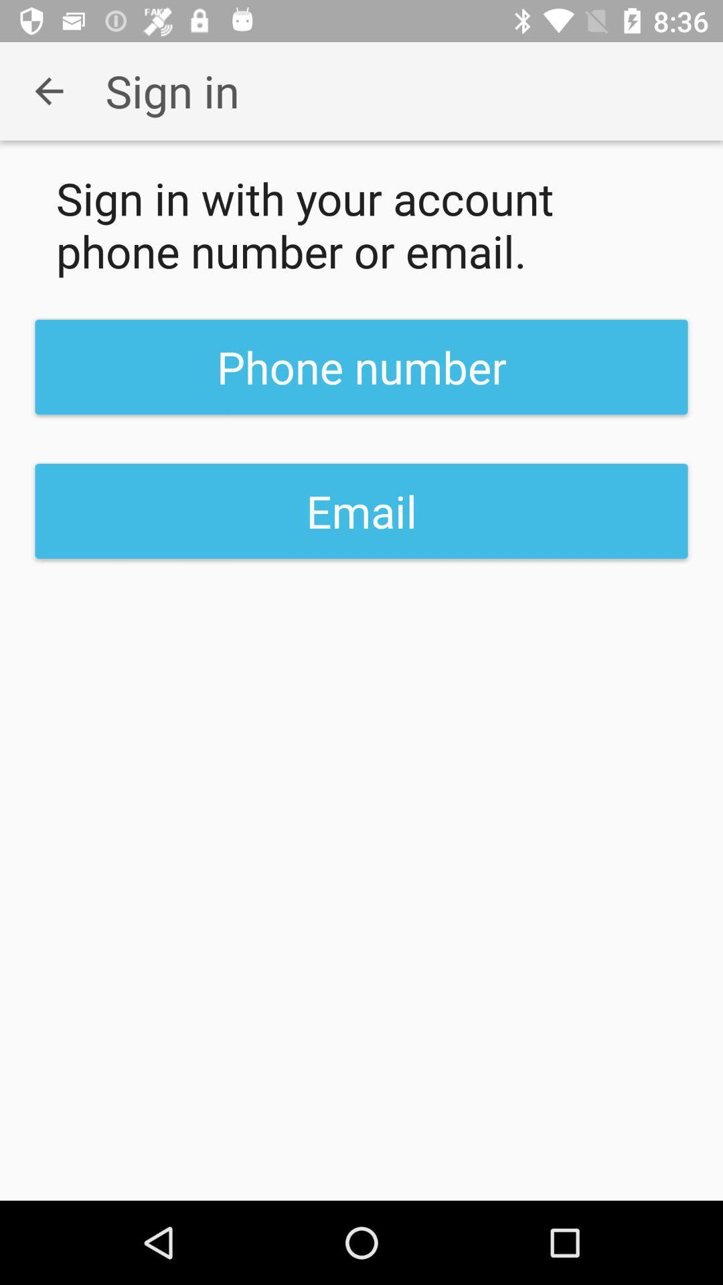  What do you see at coordinates (48, 90) in the screenshot?
I see `the app to the left of sign in item` at bounding box center [48, 90].